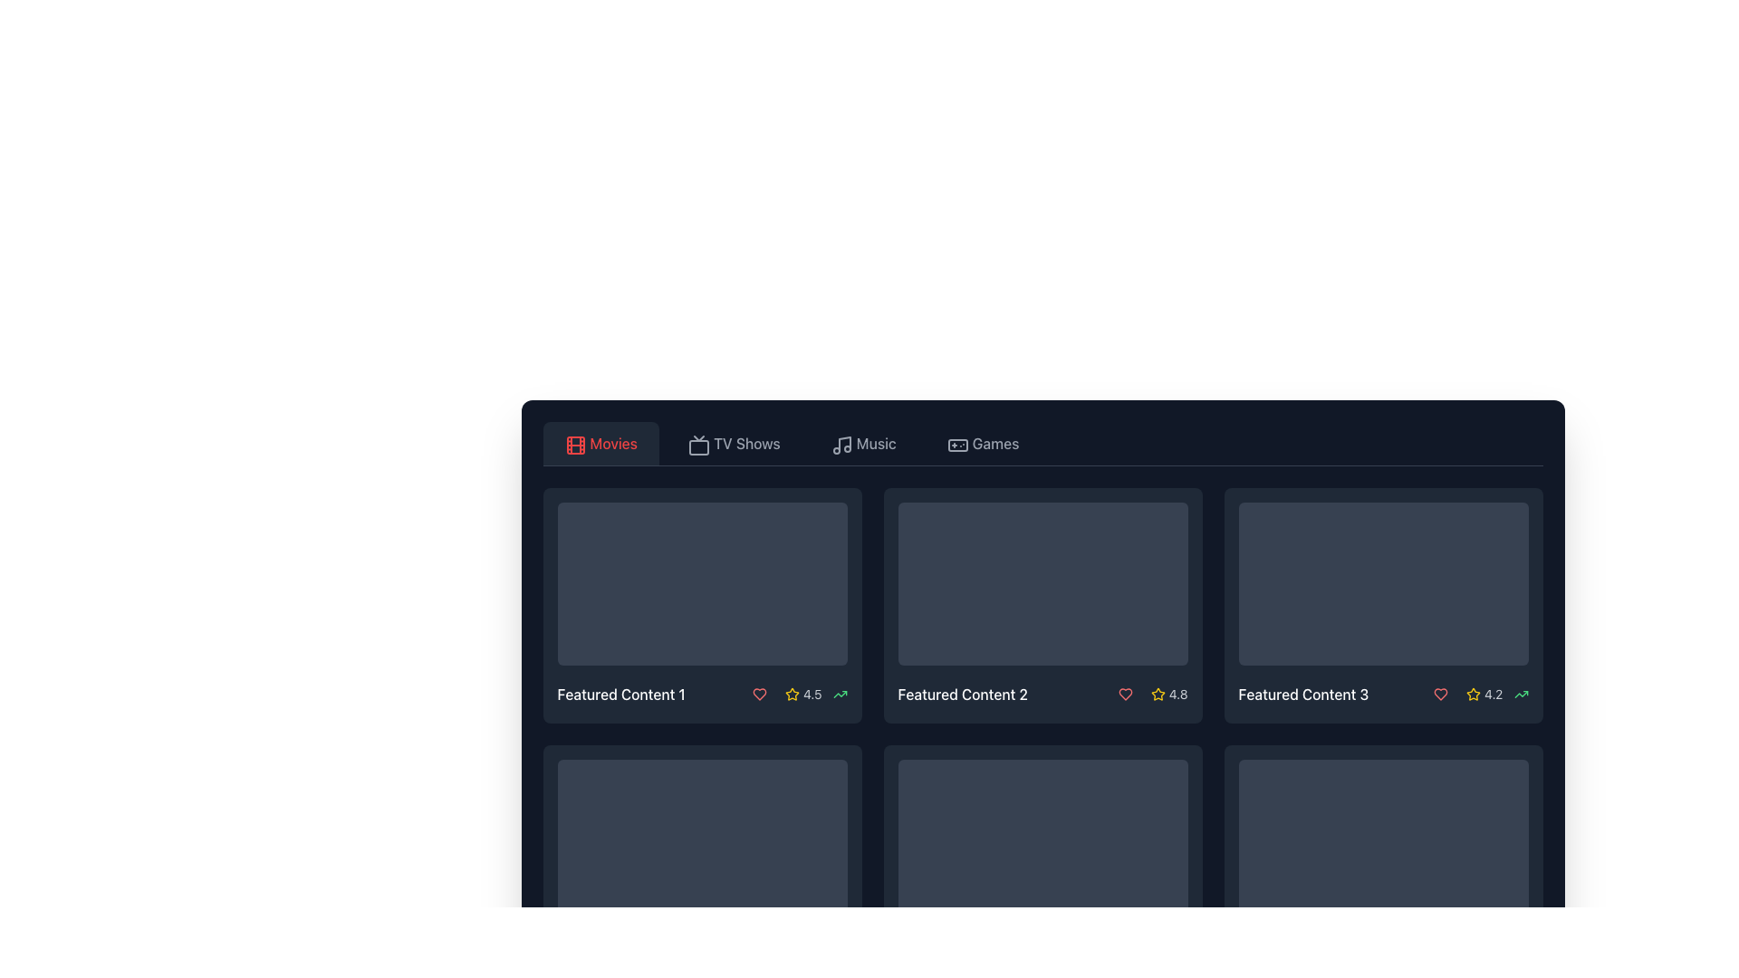 This screenshot has width=1739, height=978. Describe the element at coordinates (746, 443) in the screenshot. I see `the 'TV Shows' text label in the upper center of the navigation bar` at that location.